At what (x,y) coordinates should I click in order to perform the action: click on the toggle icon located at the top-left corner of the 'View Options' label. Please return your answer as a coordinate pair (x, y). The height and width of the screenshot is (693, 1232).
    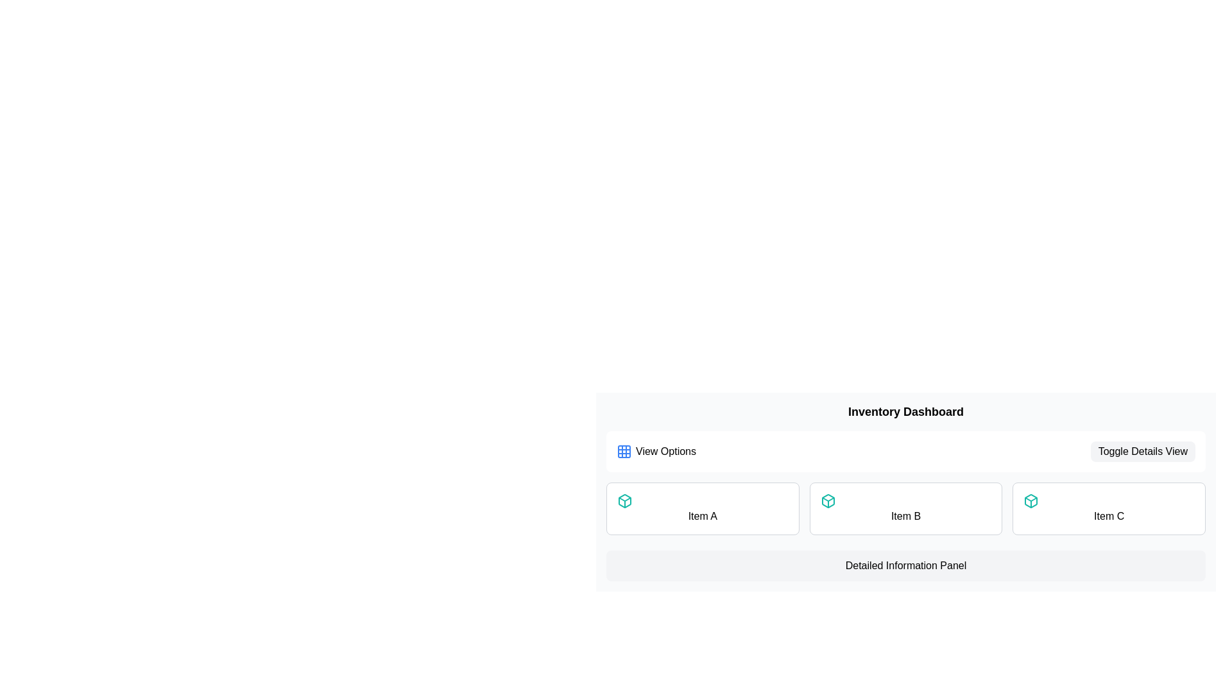
    Looking at the image, I should click on (624, 451).